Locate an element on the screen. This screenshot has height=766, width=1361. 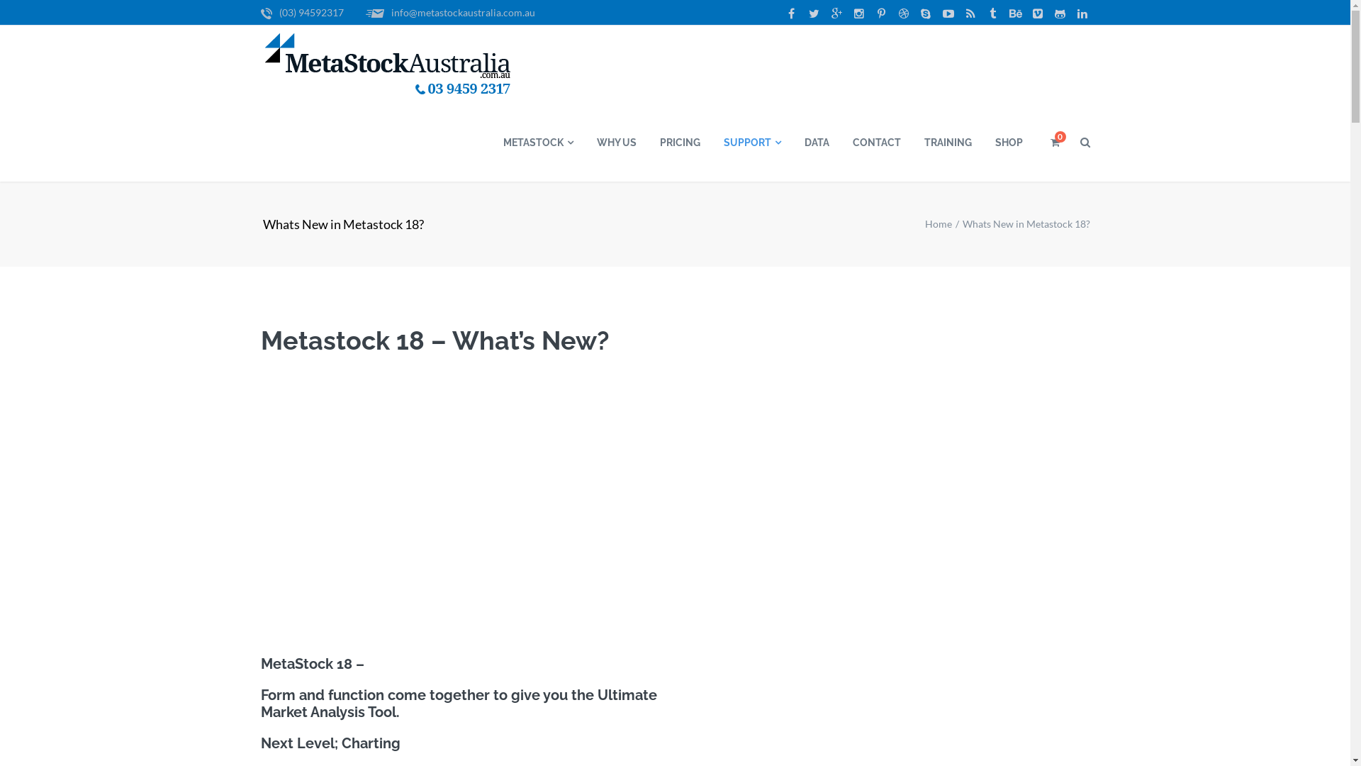
'SHOP' is located at coordinates (982, 142).